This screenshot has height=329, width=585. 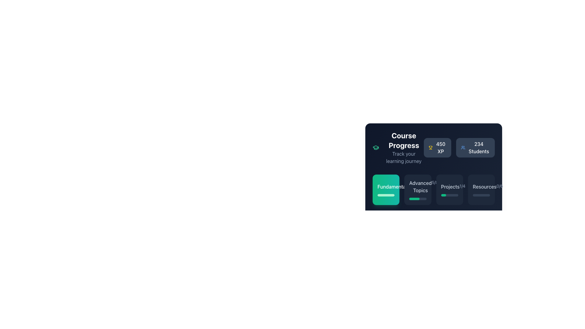 What do you see at coordinates (449, 186) in the screenshot?
I see `the static text label displaying 'Projects' and '1/4', which is located in the third card from the left at the bottom segment of the UI` at bounding box center [449, 186].